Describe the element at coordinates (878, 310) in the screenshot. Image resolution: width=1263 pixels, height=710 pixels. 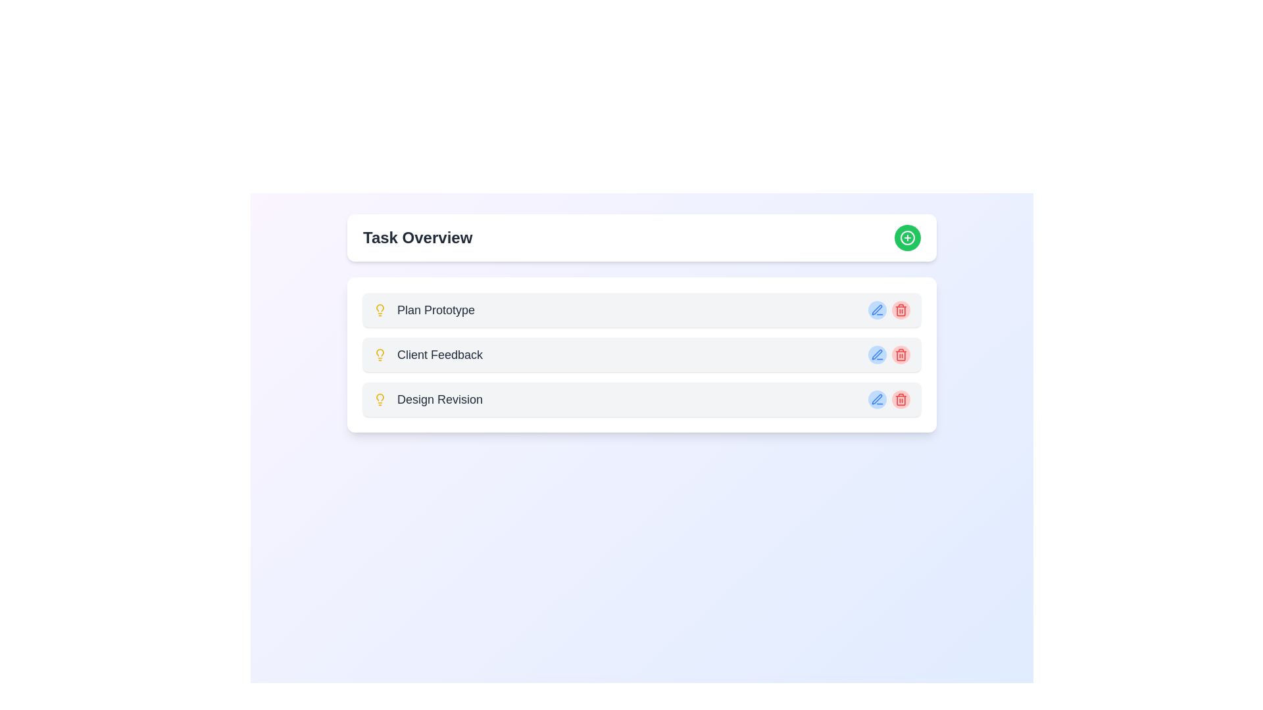
I see `the first button in the horizontally aligned grouping of buttons to initiate an edit action for the associated task item row` at that location.